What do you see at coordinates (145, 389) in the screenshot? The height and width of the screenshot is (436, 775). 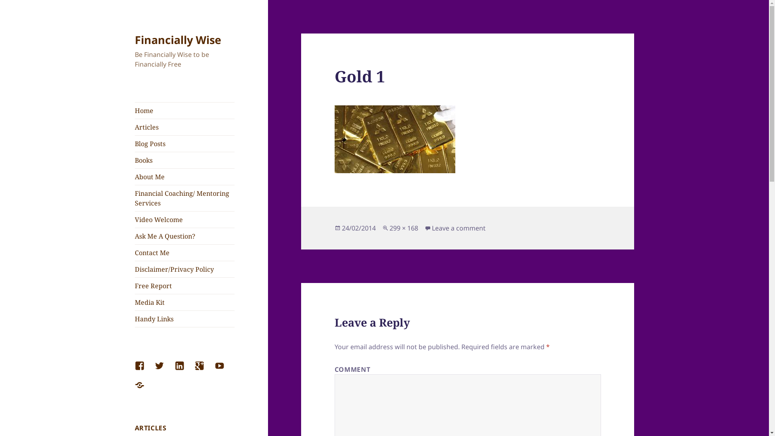 I see `'SlideShare'` at bounding box center [145, 389].